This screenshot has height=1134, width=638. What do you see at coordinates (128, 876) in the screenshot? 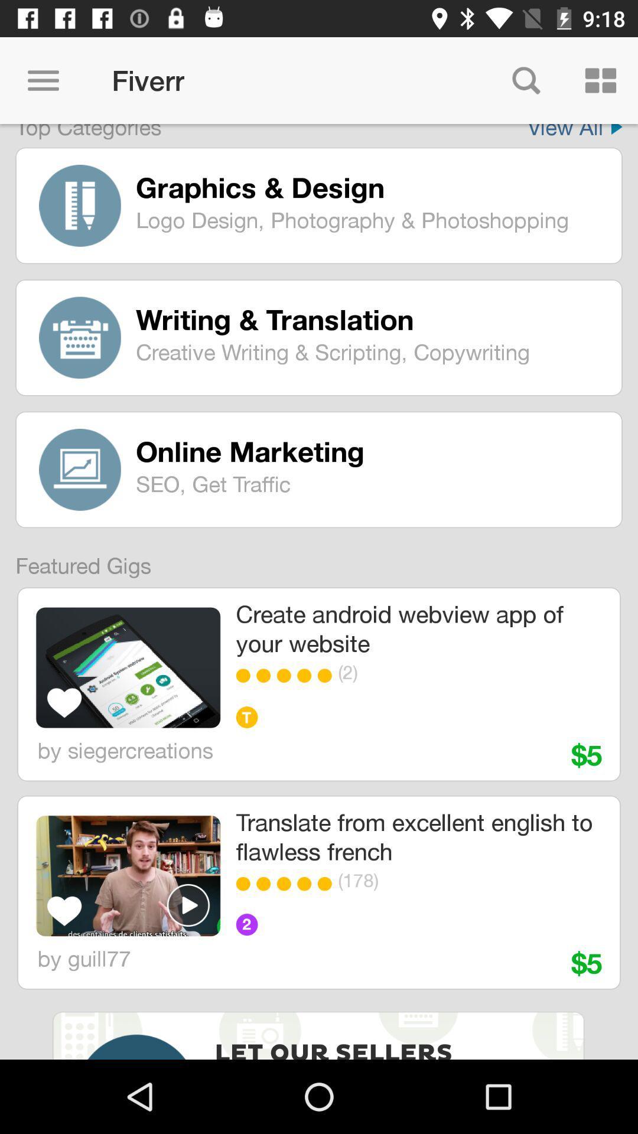
I see `the icon next to translate from excellent item` at bounding box center [128, 876].